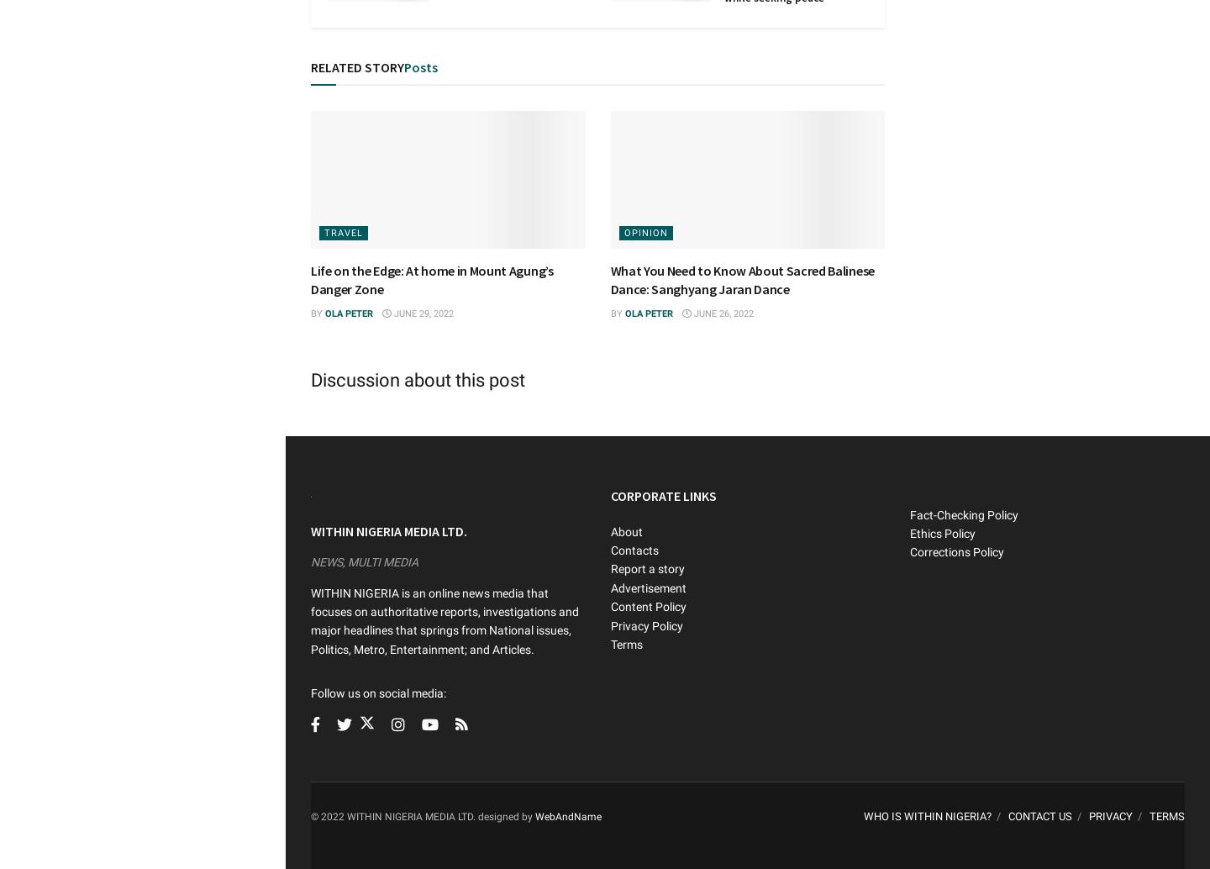  Describe the element at coordinates (419, 67) in the screenshot. I see `'Posts'` at that location.